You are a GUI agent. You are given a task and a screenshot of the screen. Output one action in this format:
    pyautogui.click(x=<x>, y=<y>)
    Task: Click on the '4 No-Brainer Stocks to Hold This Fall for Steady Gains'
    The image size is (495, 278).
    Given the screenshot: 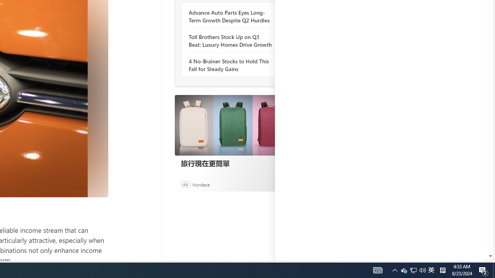 What is the action you would take?
    pyautogui.click(x=230, y=64)
    